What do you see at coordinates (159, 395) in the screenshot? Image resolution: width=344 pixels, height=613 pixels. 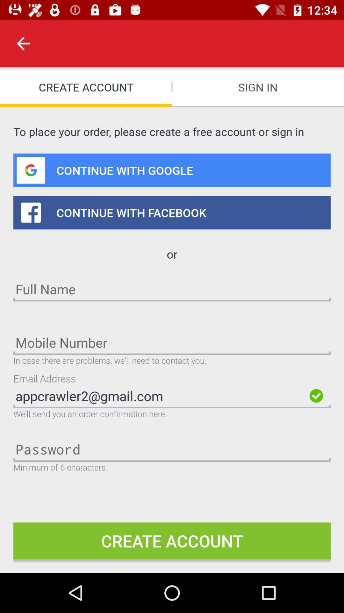 I see `the icon above we ll send item` at bounding box center [159, 395].